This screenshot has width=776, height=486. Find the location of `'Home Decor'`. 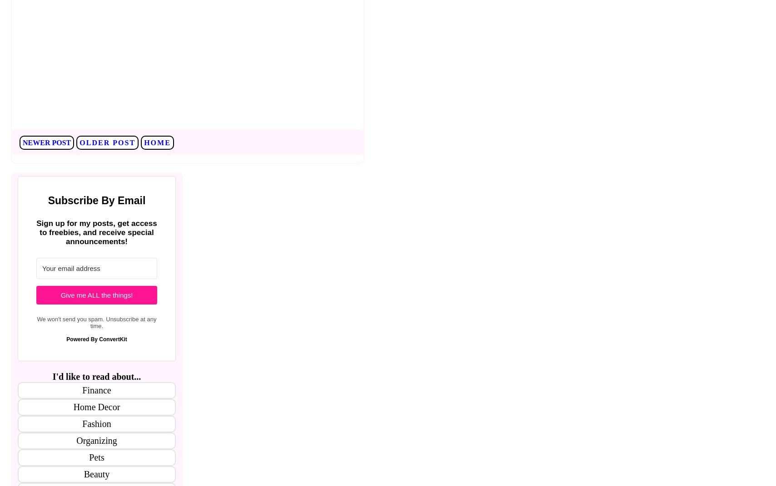

'Home Decor' is located at coordinates (96, 407).